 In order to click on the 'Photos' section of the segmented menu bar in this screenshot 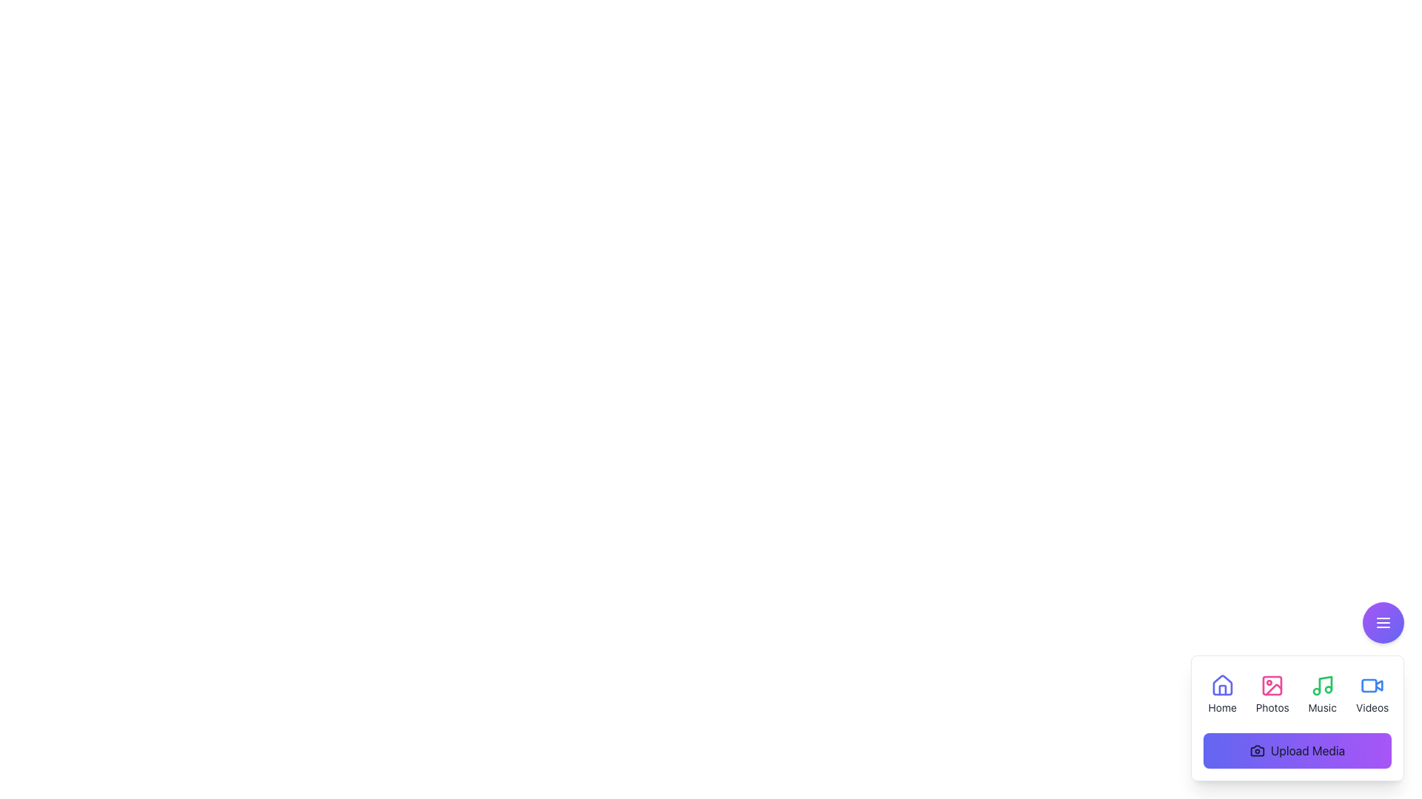, I will do `click(1297, 694)`.